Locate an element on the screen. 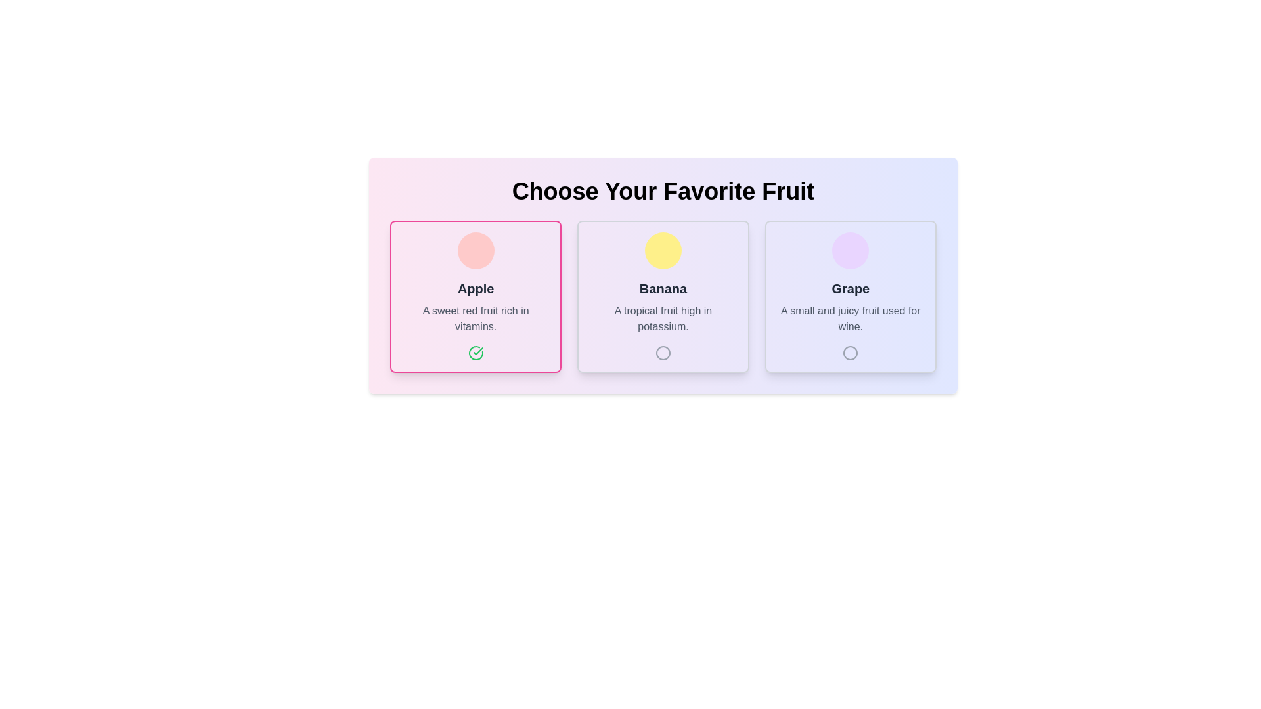 This screenshot has height=709, width=1261. the green circular checkmark icon located at the bottom center of the 'Apple' card is located at coordinates (475, 352).